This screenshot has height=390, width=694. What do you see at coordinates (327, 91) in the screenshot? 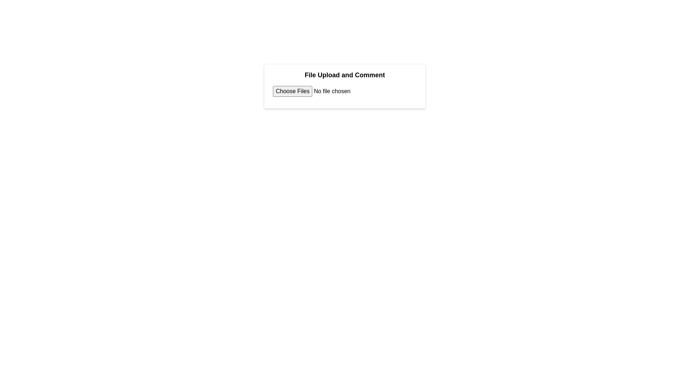
I see `the File input field located directly below the 'File Upload and Comment' header` at bounding box center [327, 91].